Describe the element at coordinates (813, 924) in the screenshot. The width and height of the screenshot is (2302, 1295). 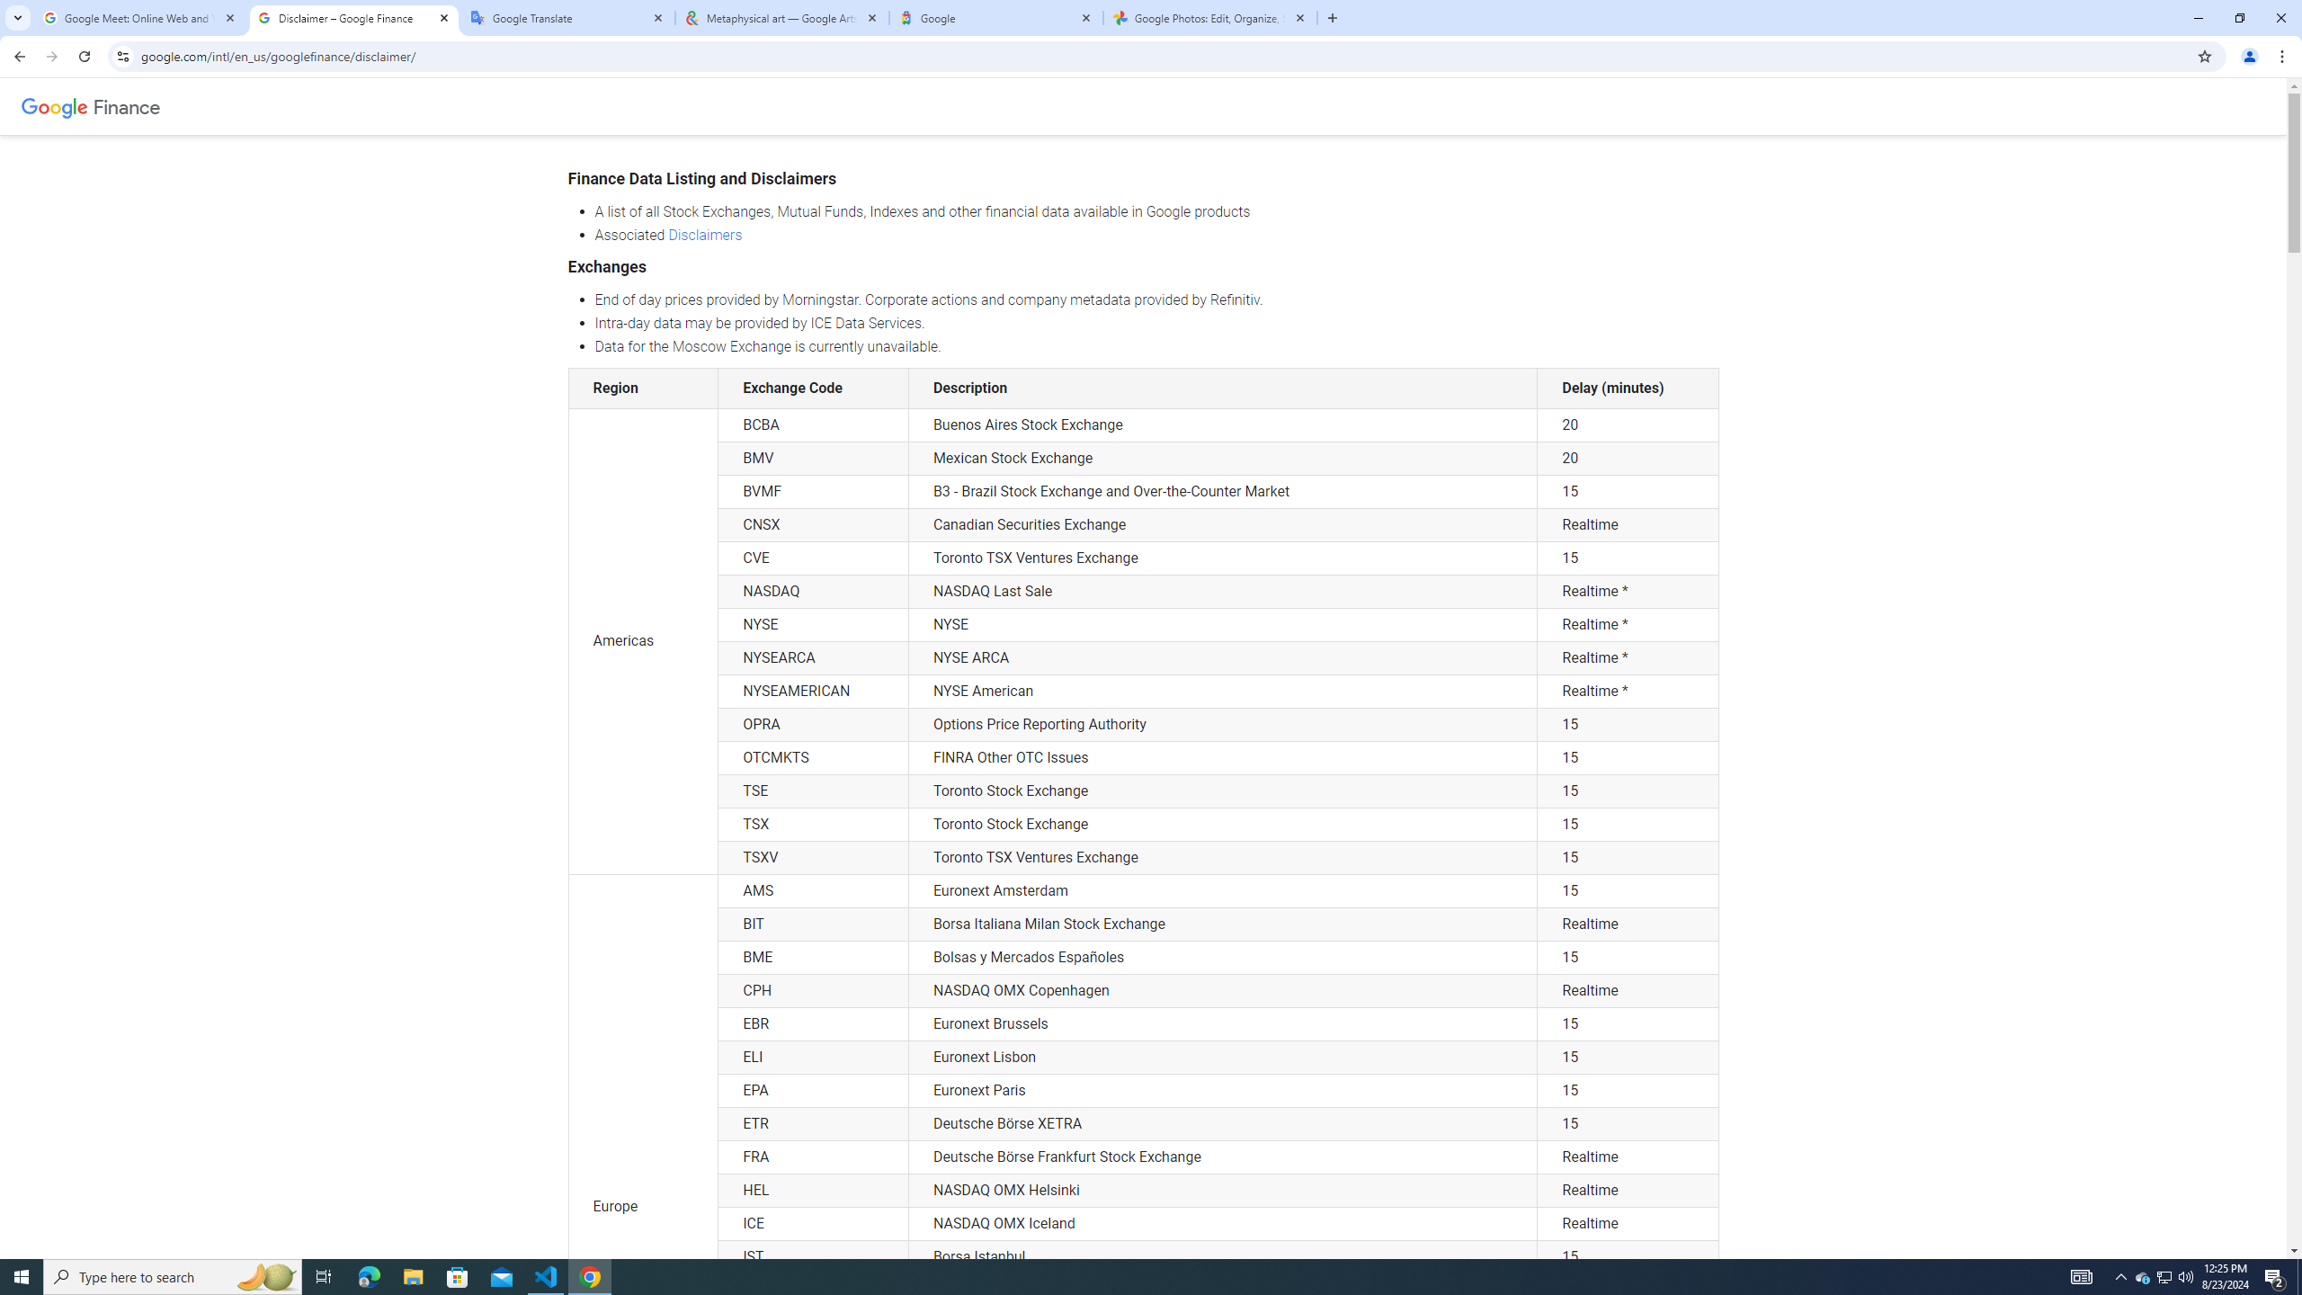
I see `'BIT'` at that location.